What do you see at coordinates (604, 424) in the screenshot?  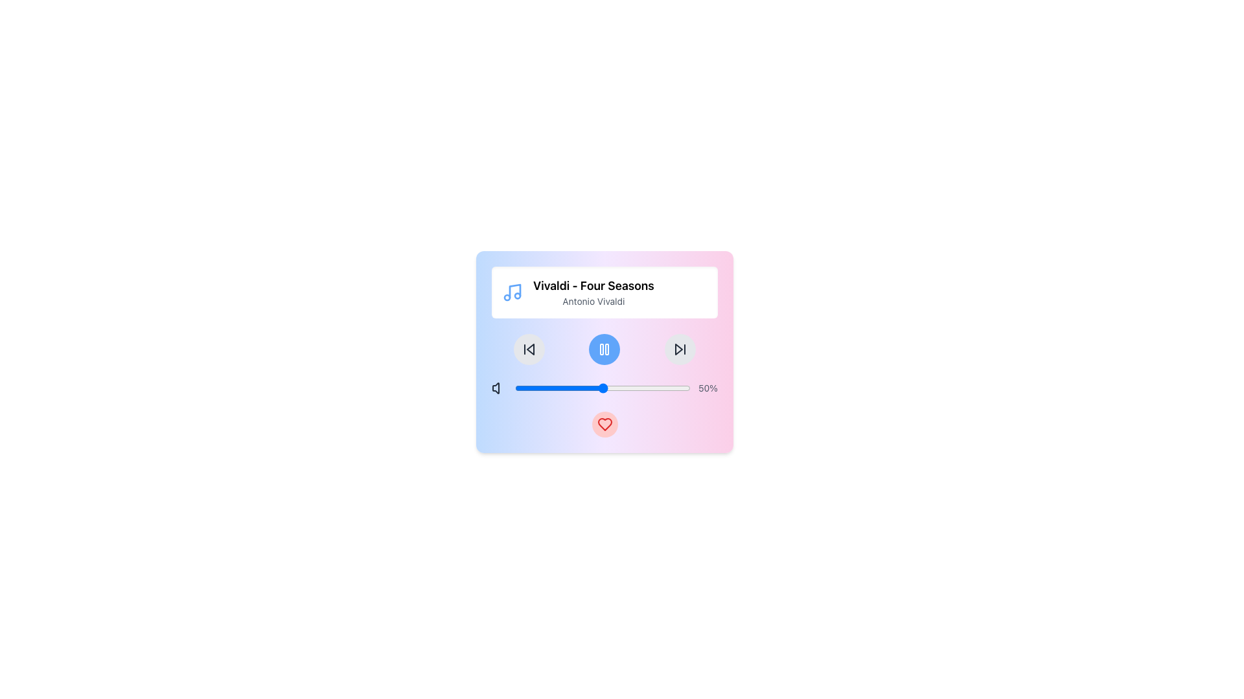 I see `the circular button with a red heart icon` at bounding box center [604, 424].